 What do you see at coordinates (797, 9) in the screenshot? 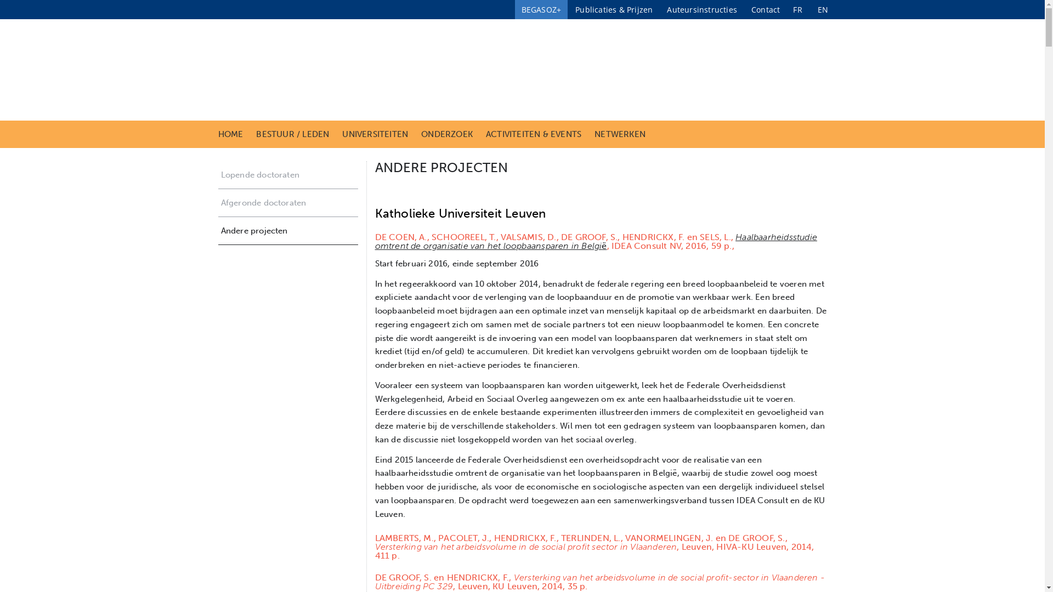
I see `'FR'` at bounding box center [797, 9].